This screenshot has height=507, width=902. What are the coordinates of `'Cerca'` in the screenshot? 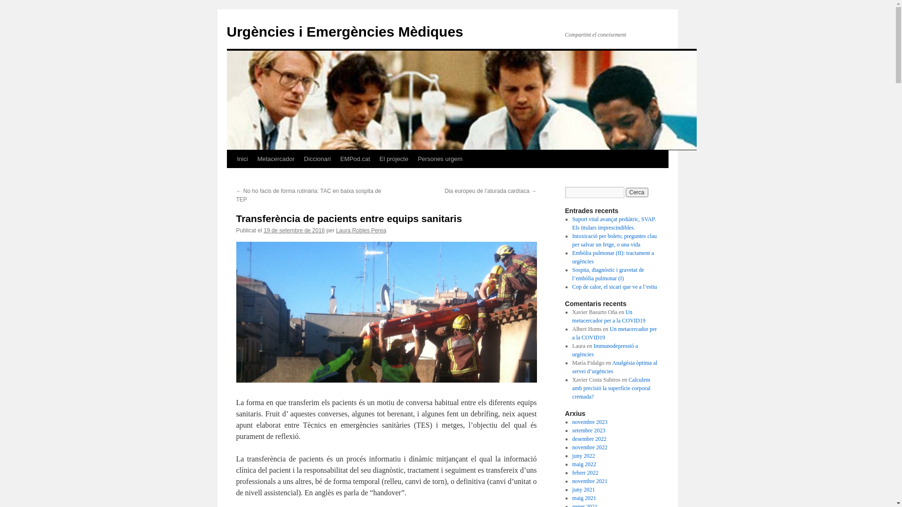 It's located at (637, 192).